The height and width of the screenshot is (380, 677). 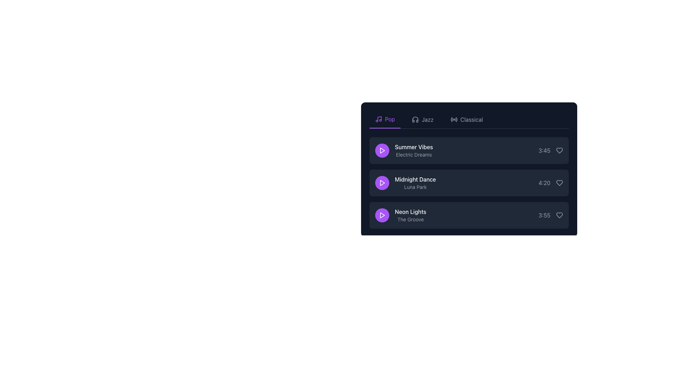 I want to click on the playlist panel located, so click(x=469, y=164).